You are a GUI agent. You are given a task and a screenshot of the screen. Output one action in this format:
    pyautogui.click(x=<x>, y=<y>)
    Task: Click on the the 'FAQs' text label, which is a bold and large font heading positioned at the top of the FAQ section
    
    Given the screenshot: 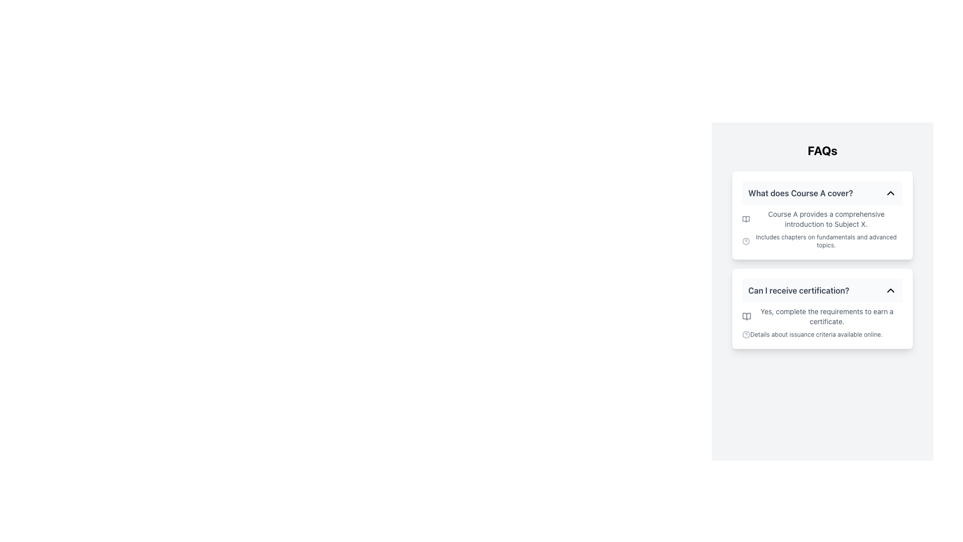 What is the action you would take?
    pyautogui.click(x=823, y=151)
    